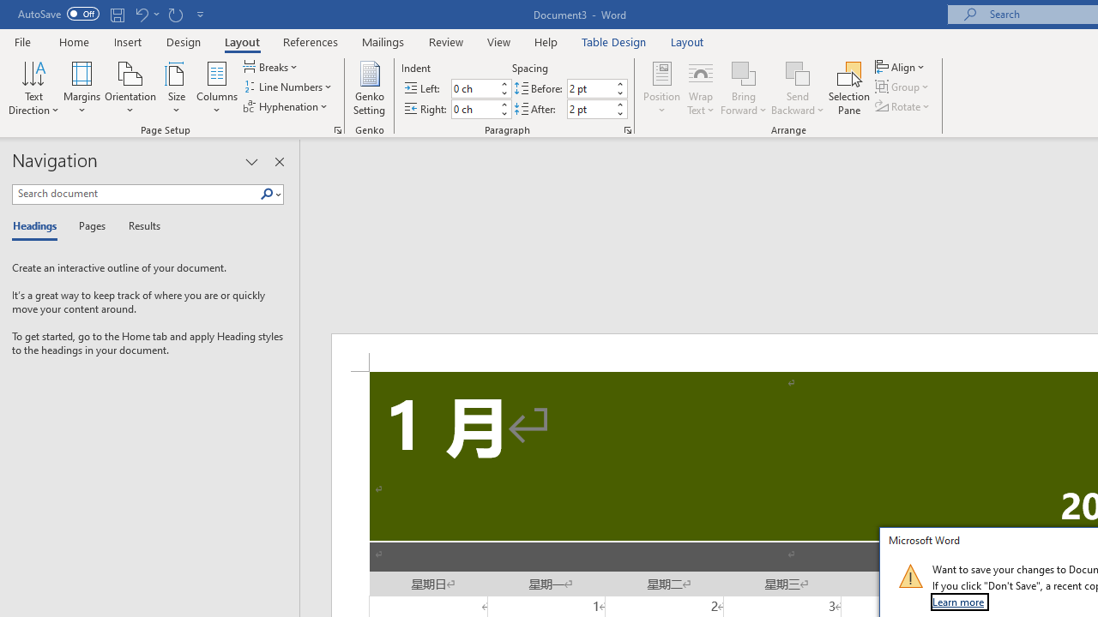  What do you see at coordinates (797, 88) in the screenshot?
I see `'Send Backward'` at bounding box center [797, 88].